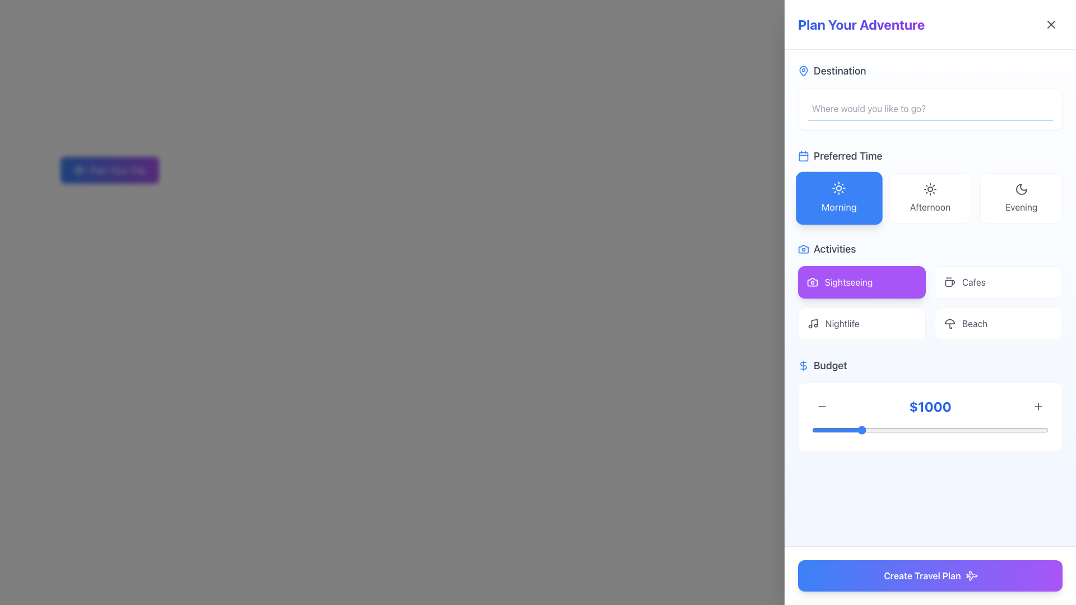 This screenshot has width=1076, height=605. What do you see at coordinates (930, 406) in the screenshot?
I see `the static text label that displays the current budget value, which is centrally positioned between the decrement and increment buttons in the budget settings interface` at bounding box center [930, 406].